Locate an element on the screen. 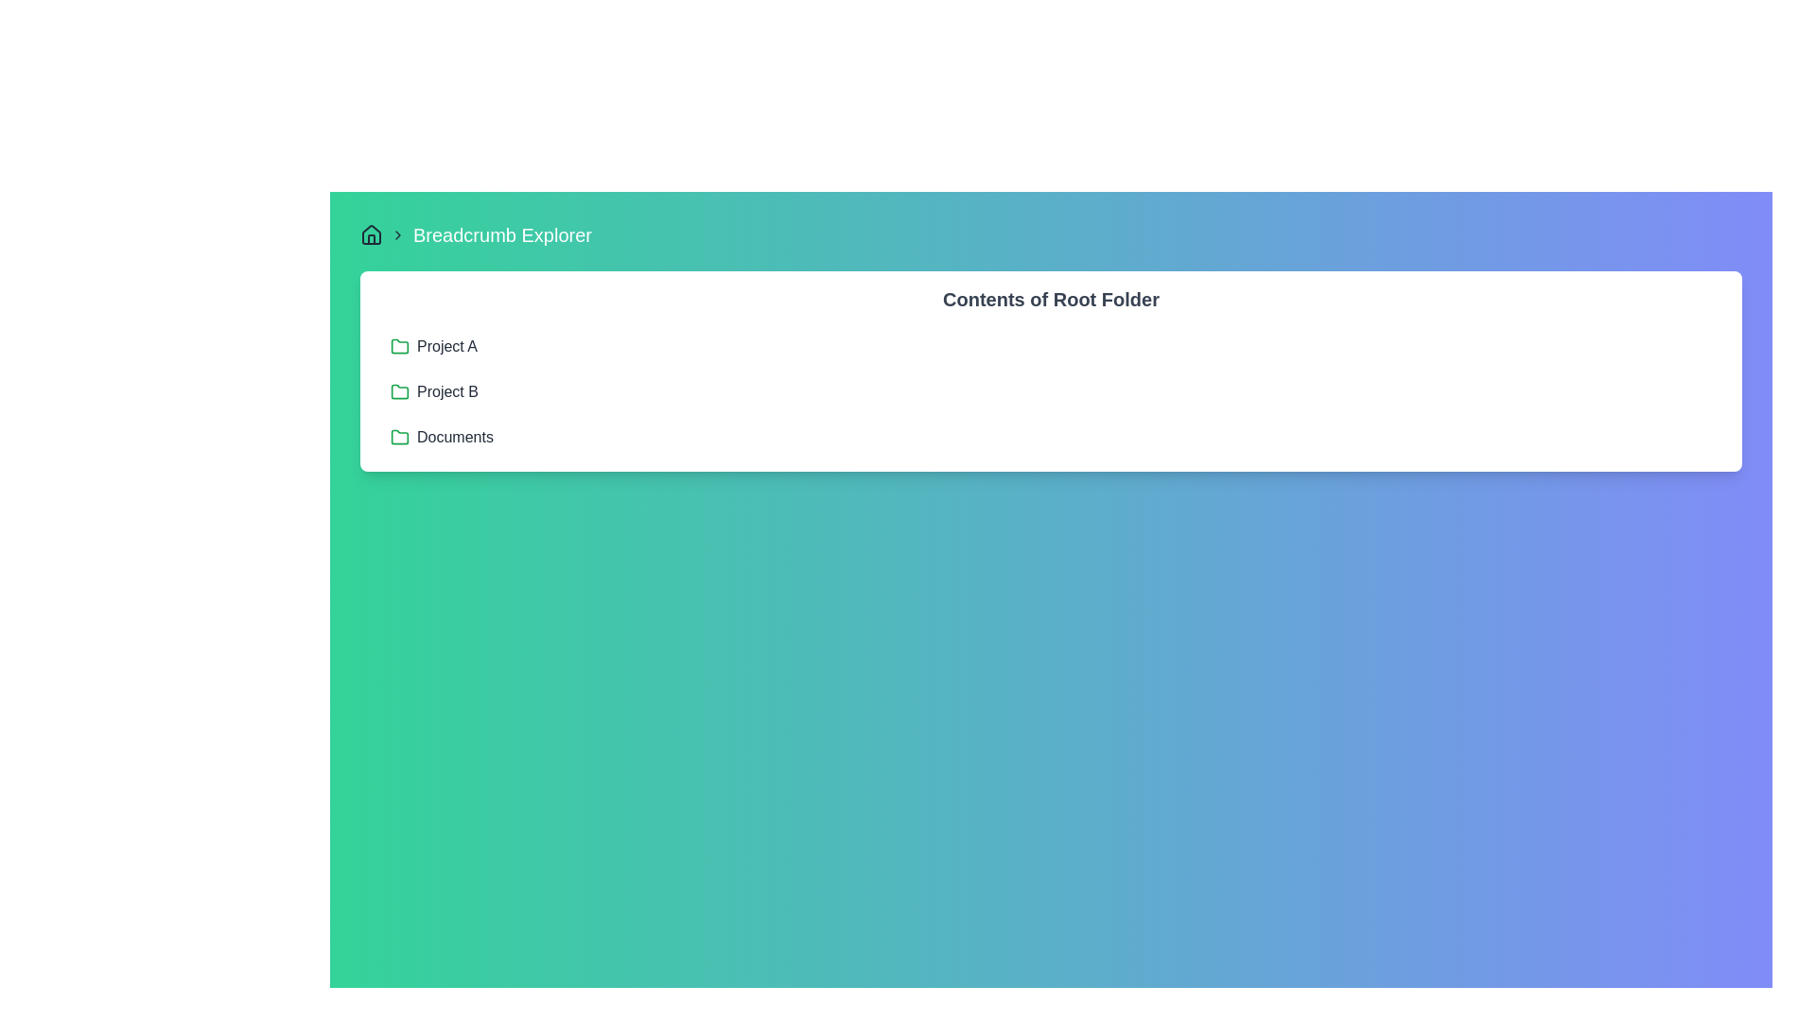 The height and width of the screenshot is (1021, 1816). the folder icon with a green outline located to the left of 'Project B', which is the second element in the vertical list is located at coordinates (398, 391).